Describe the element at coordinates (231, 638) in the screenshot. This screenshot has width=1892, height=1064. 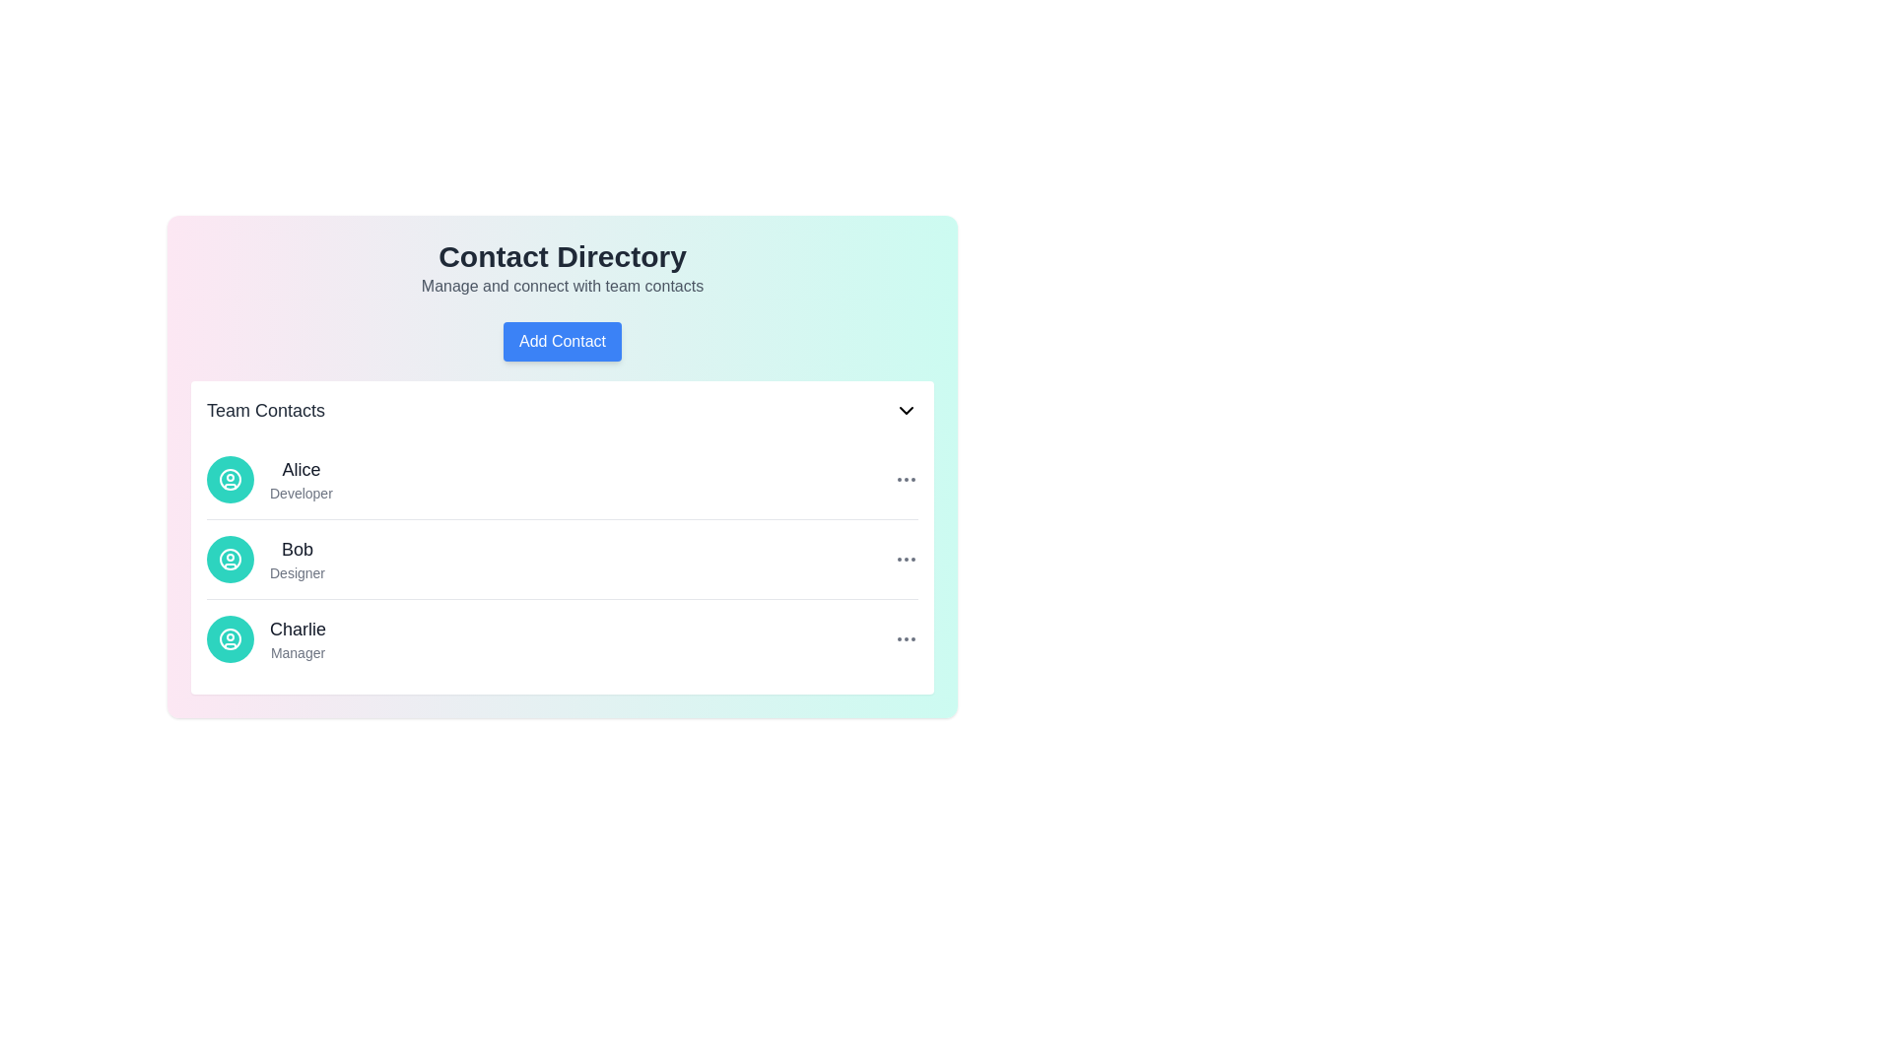
I see `the circular teal icon with a white user icon in the center, located to the left of the text 'Charlie' and 'Manager' in the 'Team Contacts' section` at that location.